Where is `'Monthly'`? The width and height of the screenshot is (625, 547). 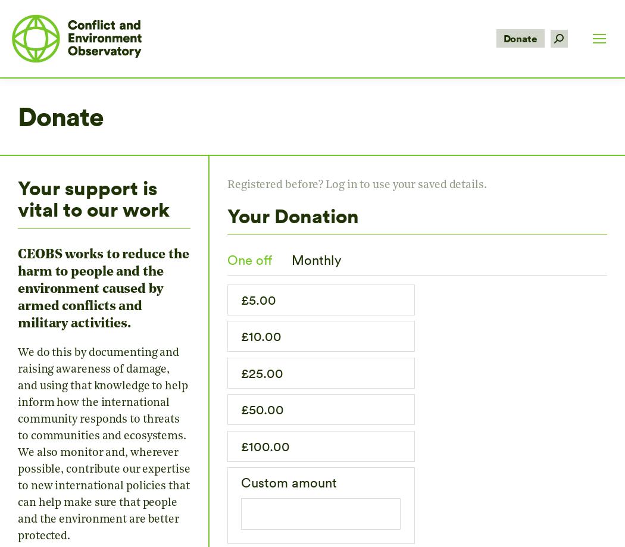 'Monthly' is located at coordinates (290, 259).